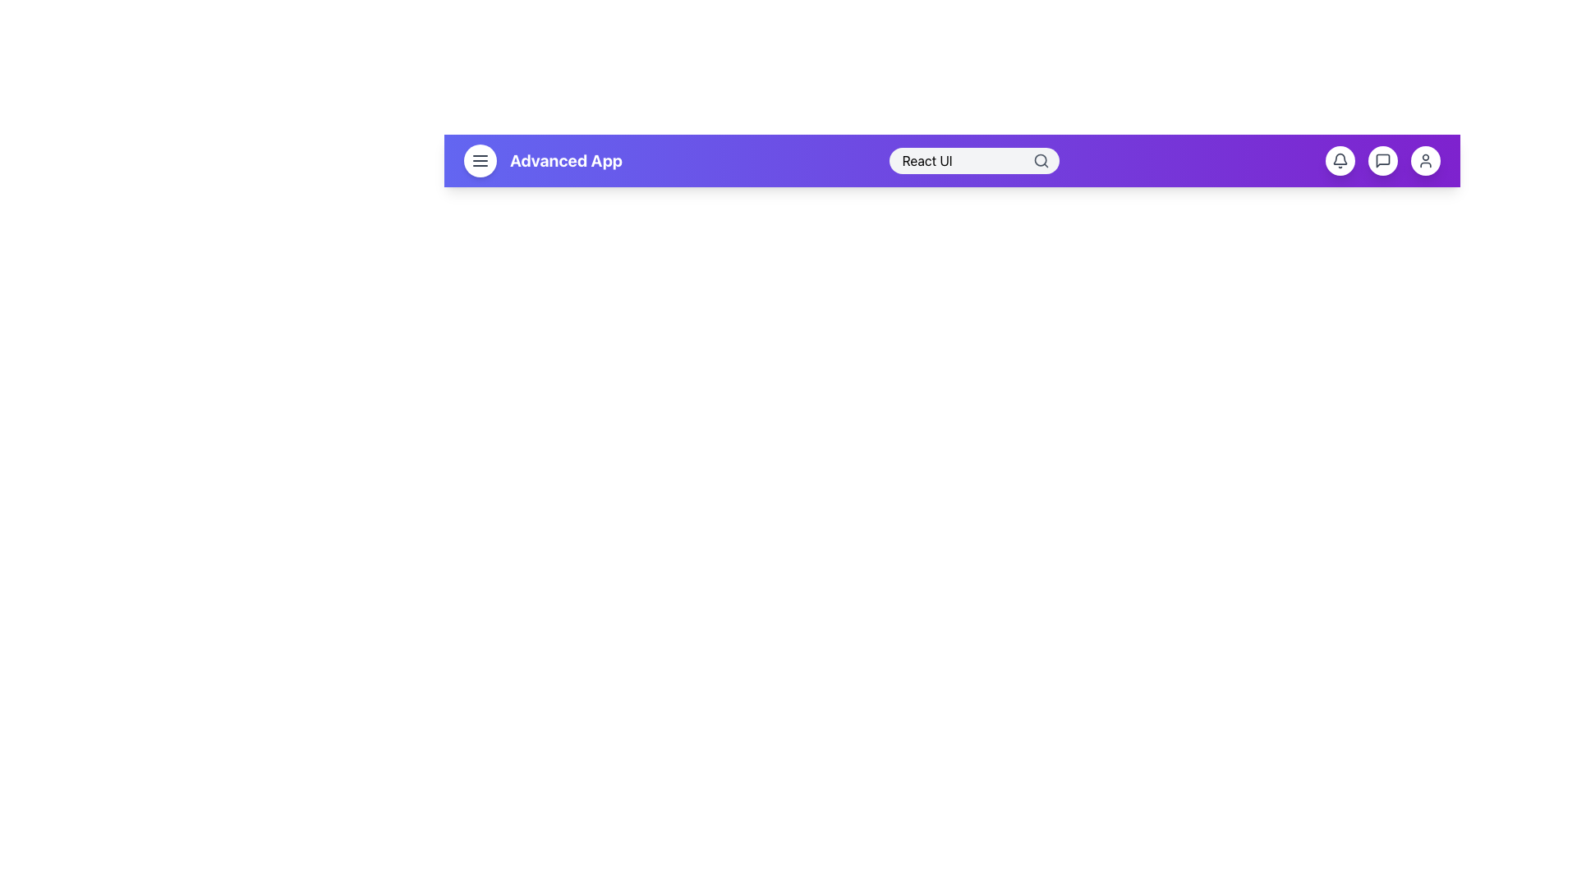 This screenshot has height=887, width=1577. What do you see at coordinates (1382, 161) in the screenshot?
I see `the speech bubble icon, which is a compact rounded square button with a white background outlined in gray, located in the top-right corner of the interface within the purple navigation bar` at bounding box center [1382, 161].